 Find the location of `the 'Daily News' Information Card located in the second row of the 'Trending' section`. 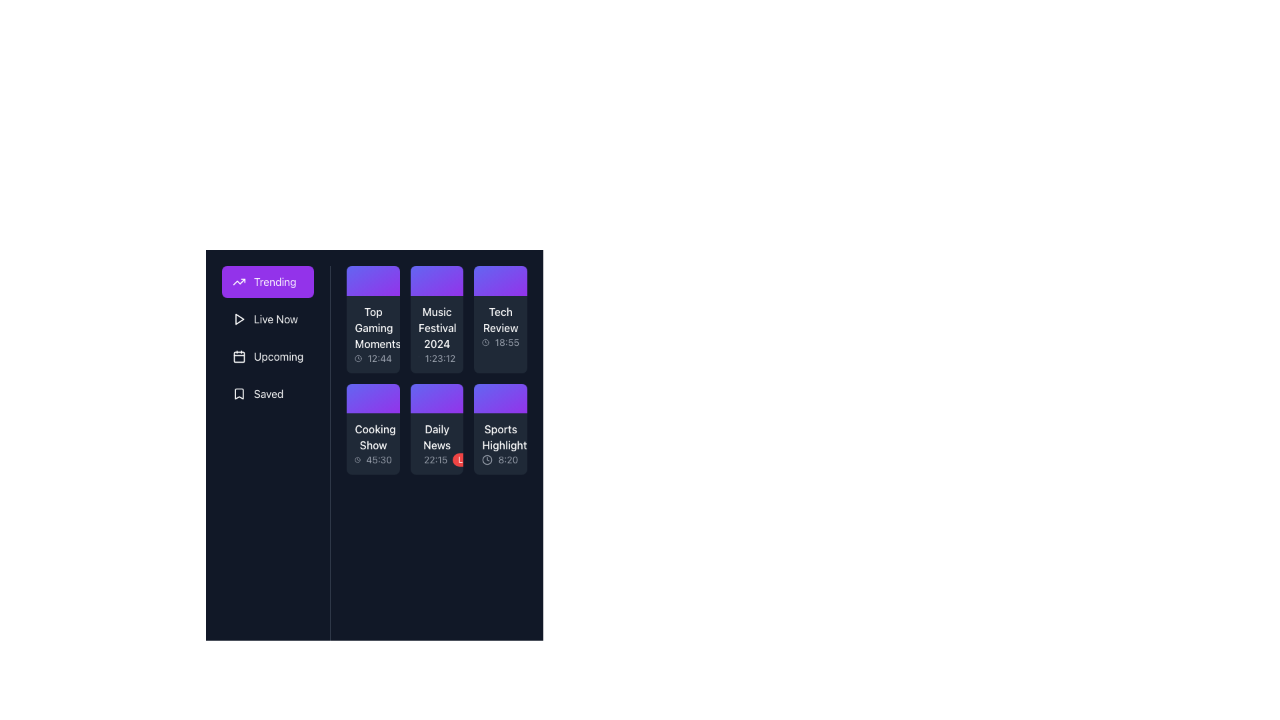

the 'Daily News' Information Card located in the second row of the 'Trending' section is located at coordinates (437, 444).